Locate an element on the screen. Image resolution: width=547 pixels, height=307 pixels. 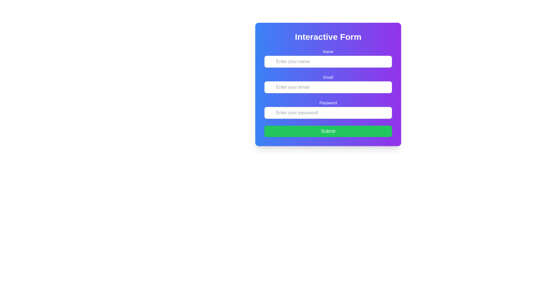
the name input field located beneath the 'Interactive Form' heading is located at coordinates (328, 58).